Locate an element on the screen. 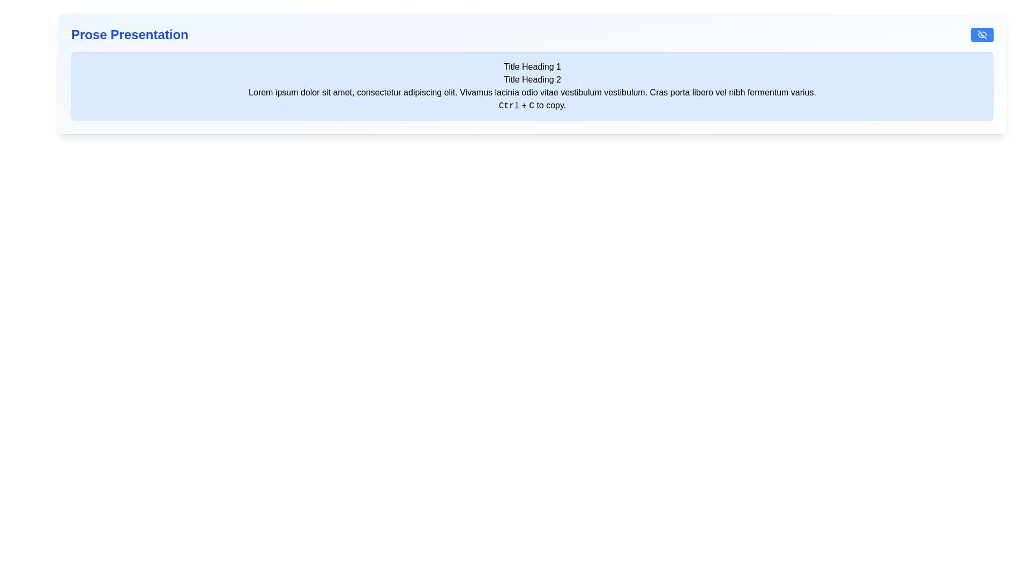  the 'eye-off' icon button located in the upper-right corner of the blue button is located at coordinates (982, 34).